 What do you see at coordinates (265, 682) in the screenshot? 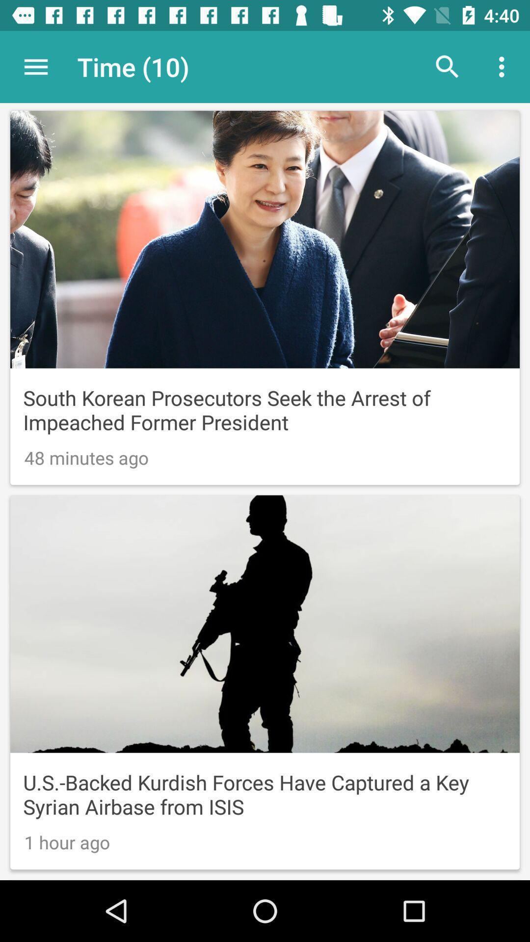
I see `the image in which the text says usbacked kurdish forces have captured a key syrian airbase from isis` at bounding box center [265, 682].